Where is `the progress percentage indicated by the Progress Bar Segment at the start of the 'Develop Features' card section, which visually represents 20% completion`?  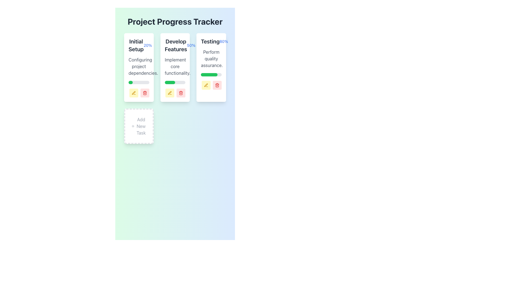 the progress percentage indicated by the Progress Bar Segment at the start of the 'Develop Features' card section, which visually represents 20% completion is located at coordinates (130, 82).